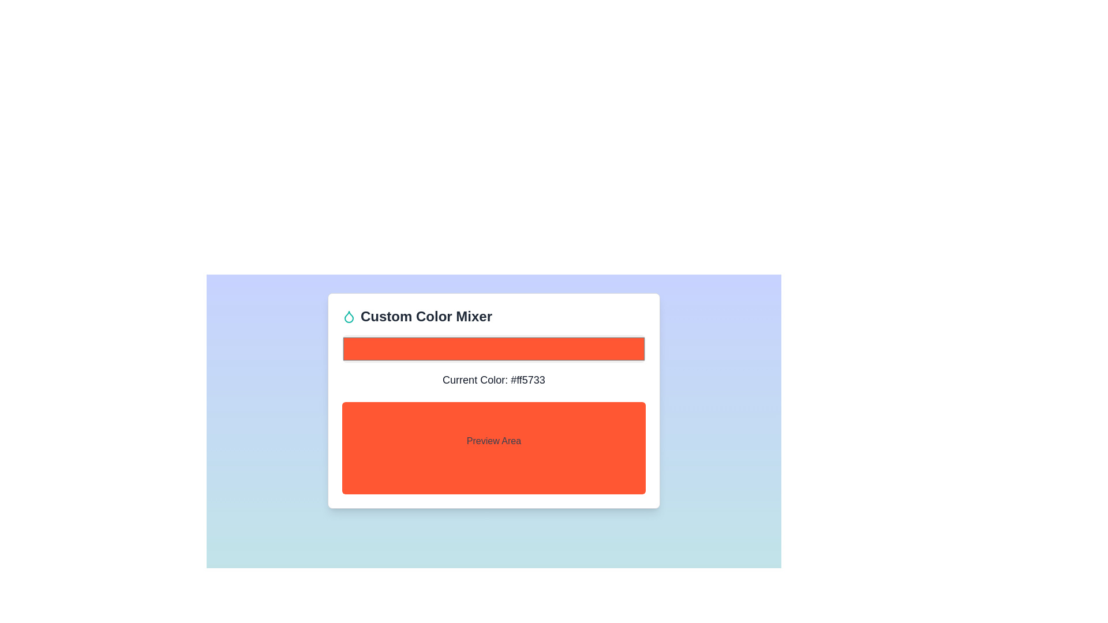 The image size is (1108, 623). I want to click on the text label reading 'Preview Area' which is centered within the second section of the 'Custom Color Mixer' interface, located just below the current color display, so click(493, 441).